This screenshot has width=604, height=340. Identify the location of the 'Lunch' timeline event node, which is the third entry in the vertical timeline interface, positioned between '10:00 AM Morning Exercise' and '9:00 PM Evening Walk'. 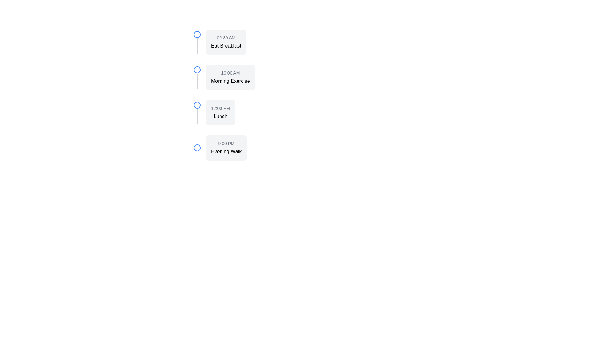
(259, 112).